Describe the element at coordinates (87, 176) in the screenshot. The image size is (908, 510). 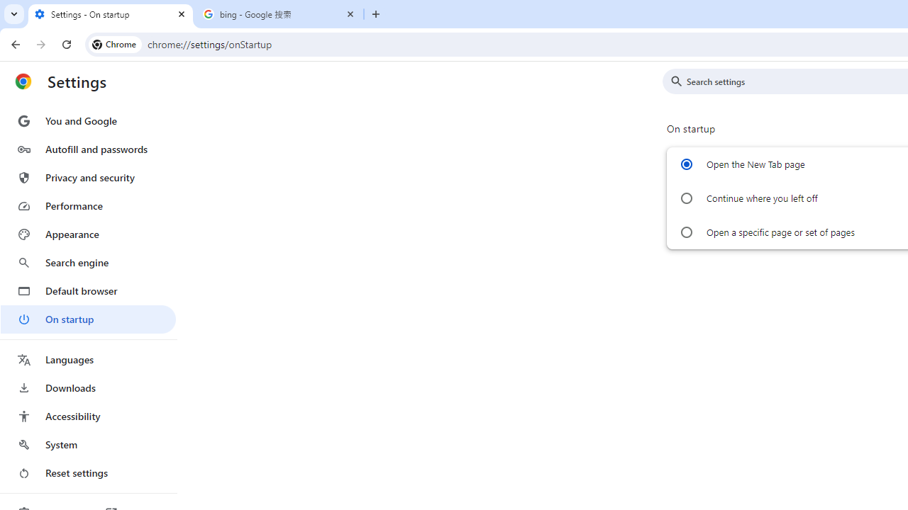
I see `'Privacy and security'` at that location.